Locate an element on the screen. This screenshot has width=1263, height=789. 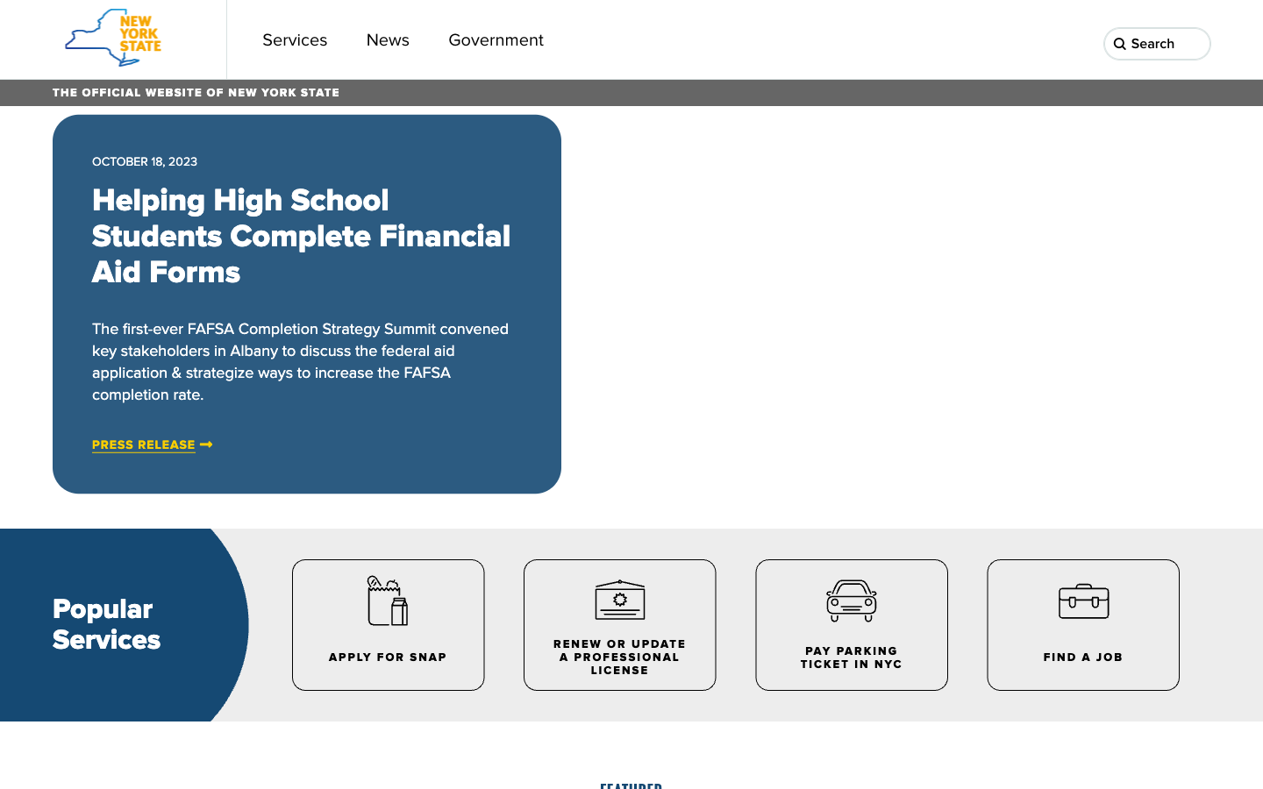
Redirect to the new page is located at coordinates (388, 39).